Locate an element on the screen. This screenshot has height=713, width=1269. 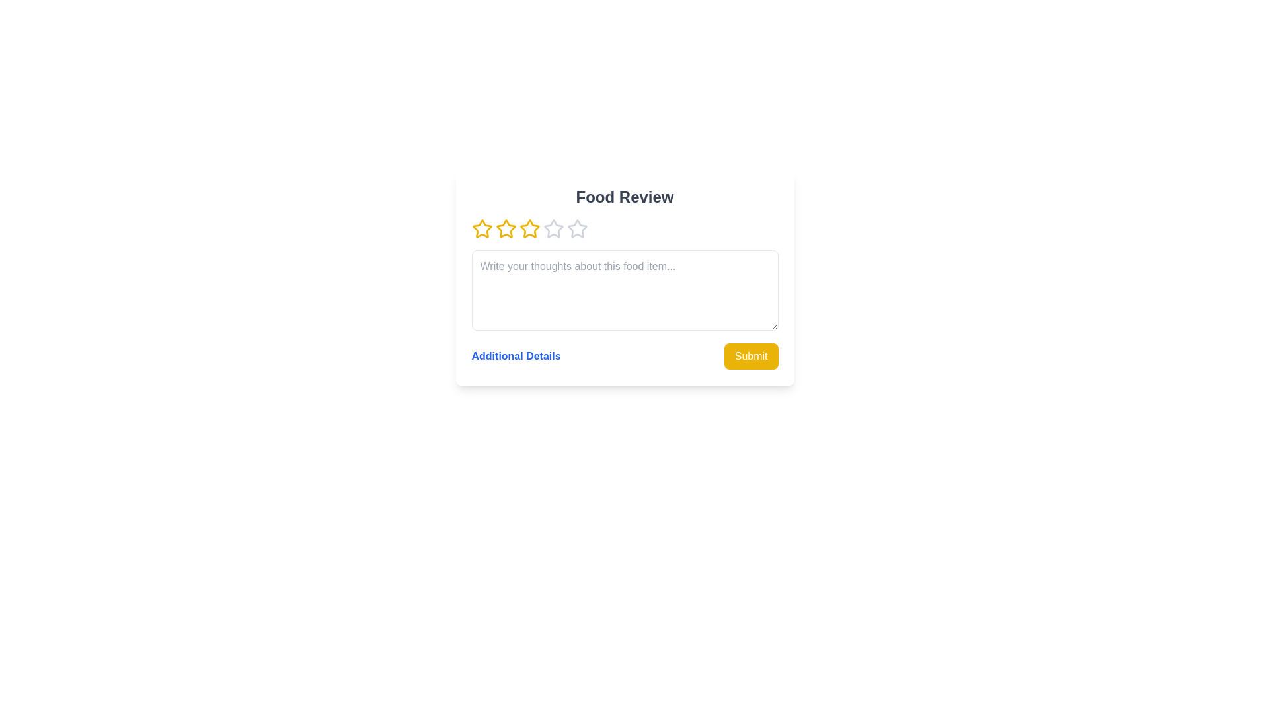
the text area and type the review text is located at coordinates (624, 289).